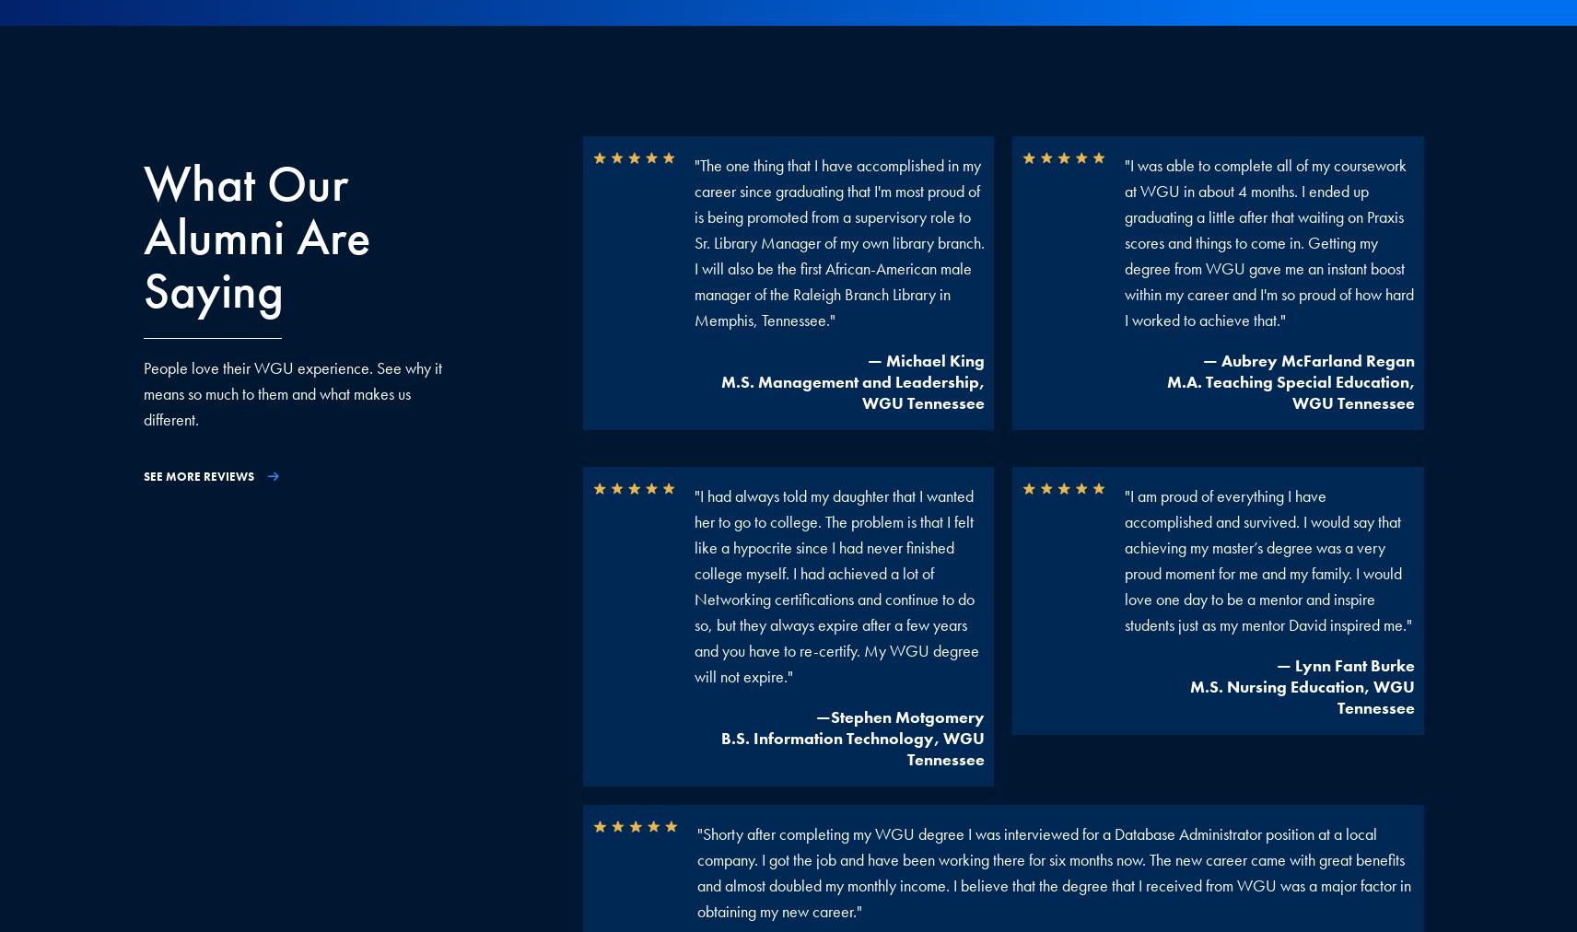  Describe the element at coordinates (1267, 241) in the screenshot. I see `'"I was able to complete all of my coursework at WGU in about 4 months. I ended up graduating a little after that waiting on Praxis scores and things to come in. Getting my degree from WGU gave me an instant boost within my career and I'm so proud of how hard I worked to achieve that."'` at that location.